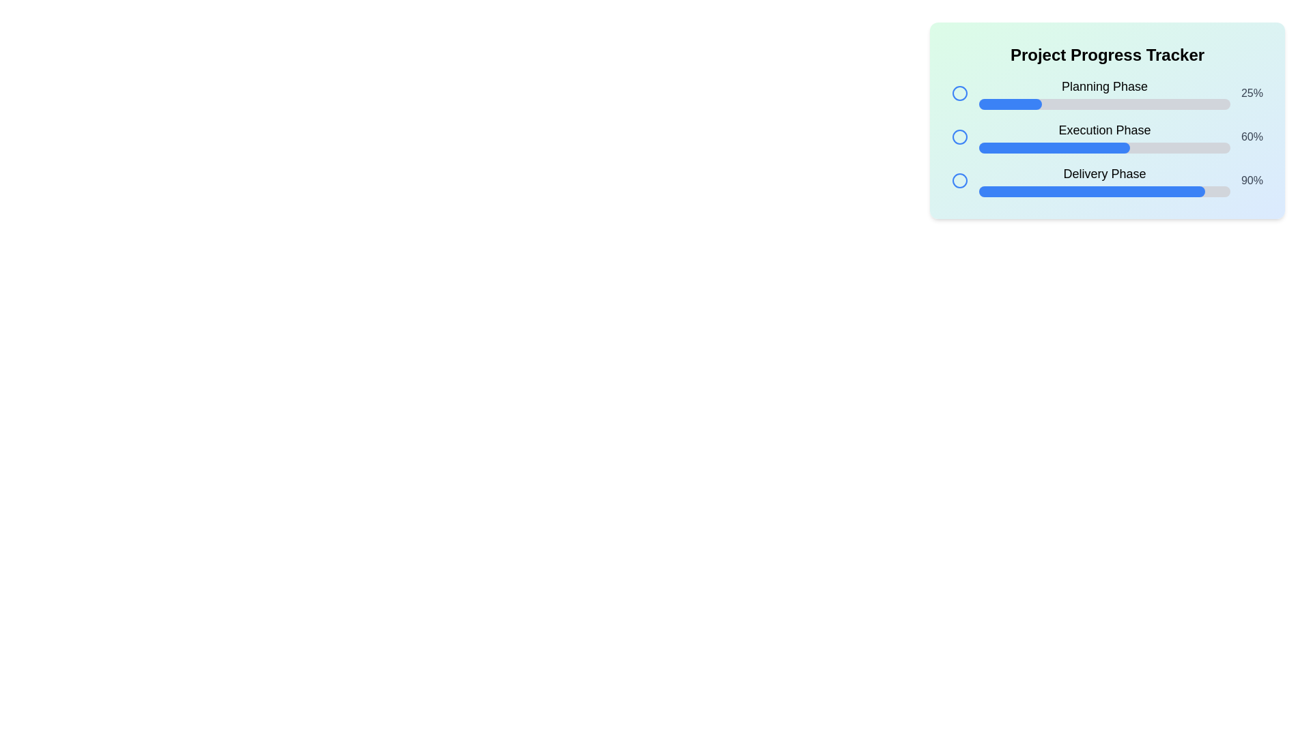 This screenshot has height=737, width=1311. I want to click on the filled portion of the progress bar segment that indicates 25% completion for the 'Planning Phase' task to interact with it, so click(1010, 104).